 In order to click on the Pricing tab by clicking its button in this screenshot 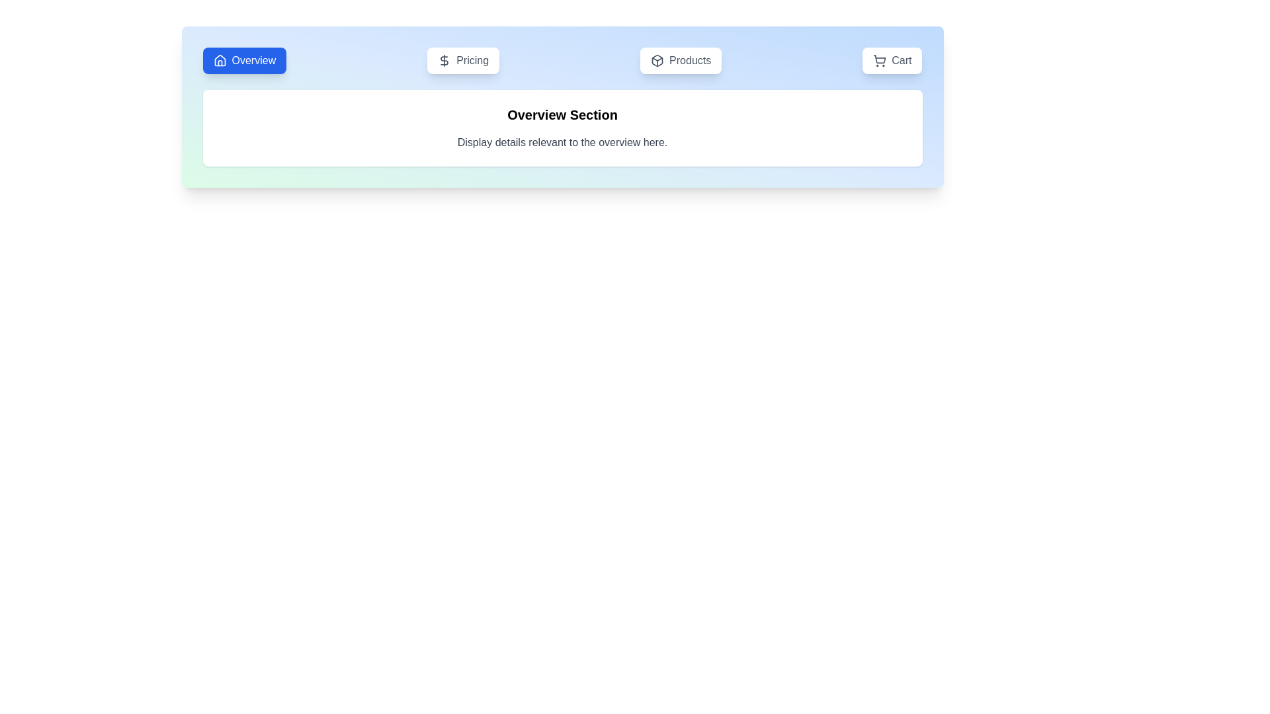, I will do `click(463, 61)`.